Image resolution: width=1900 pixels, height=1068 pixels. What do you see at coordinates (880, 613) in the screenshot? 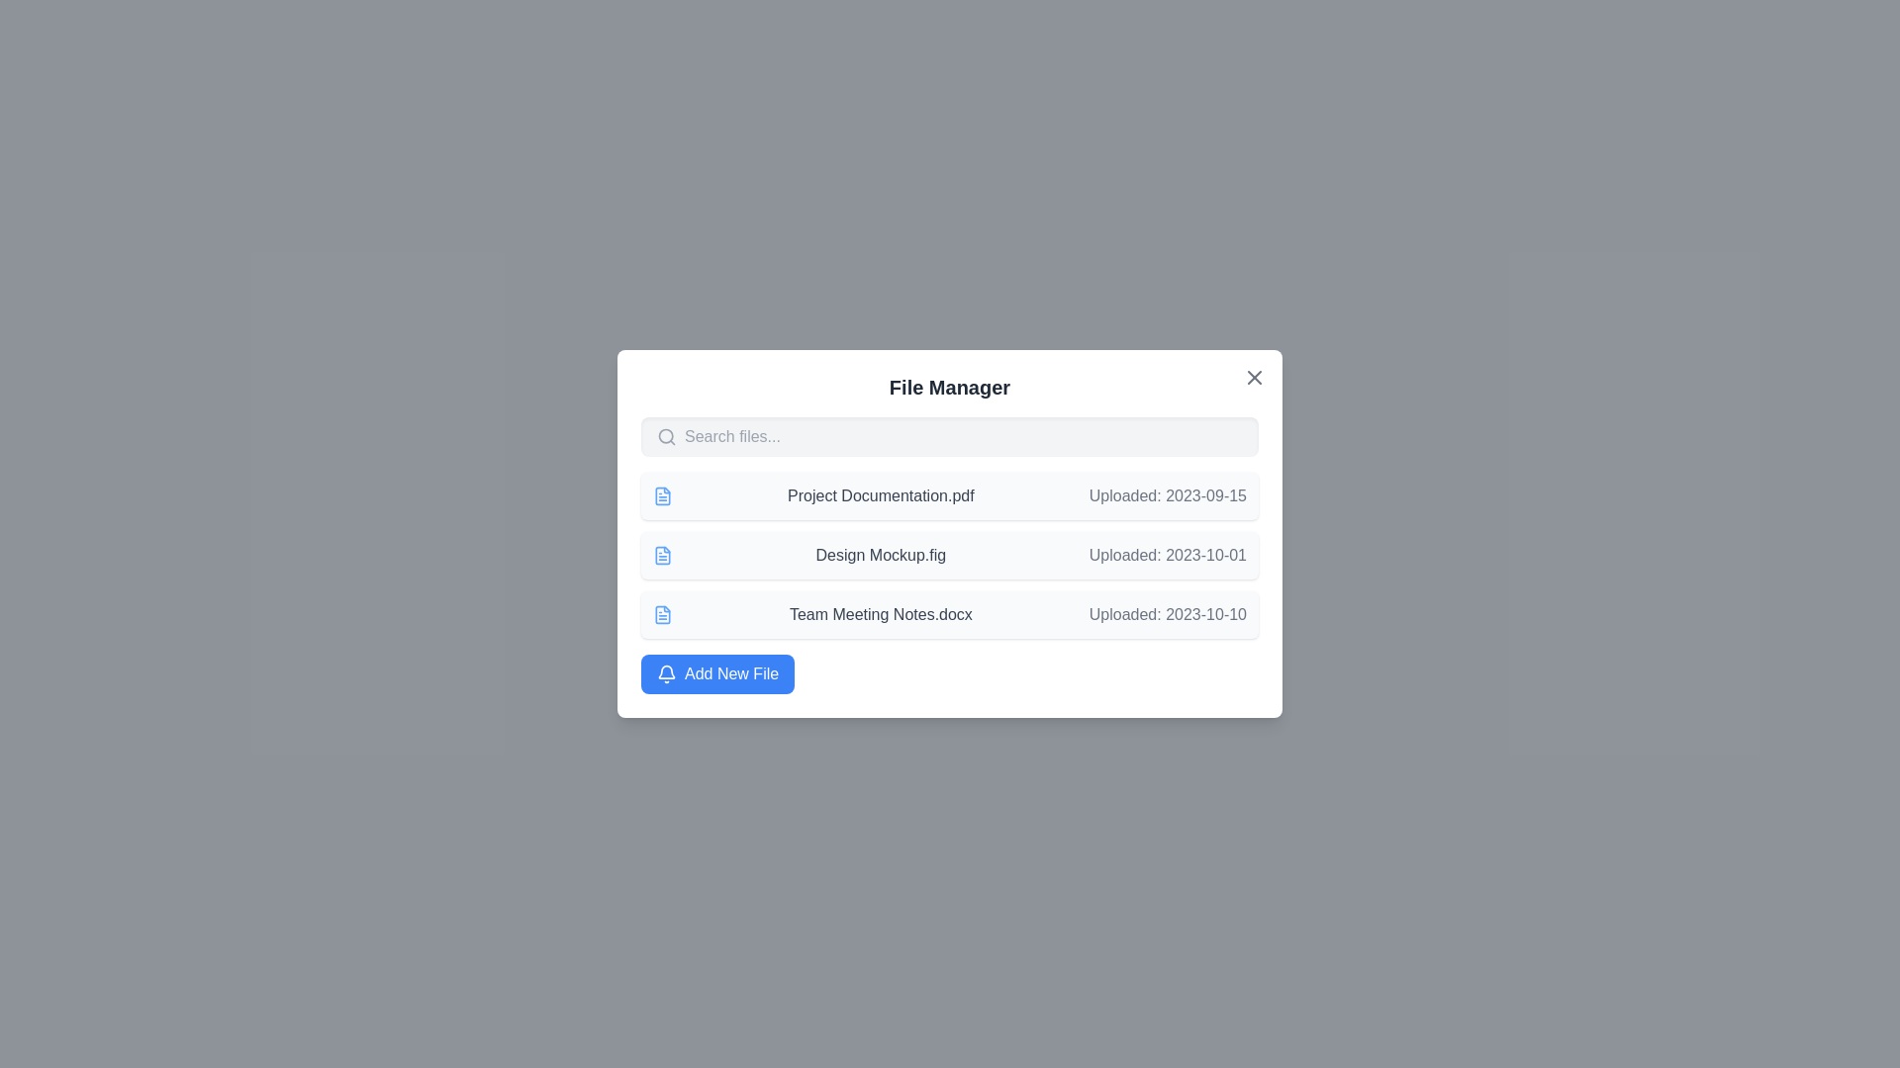
I see `the text display element showing the file name 'Team Meeting Notes.docx', which is the third item in the list of file entries in the file manager dialog` at bounding box center [880, 613].